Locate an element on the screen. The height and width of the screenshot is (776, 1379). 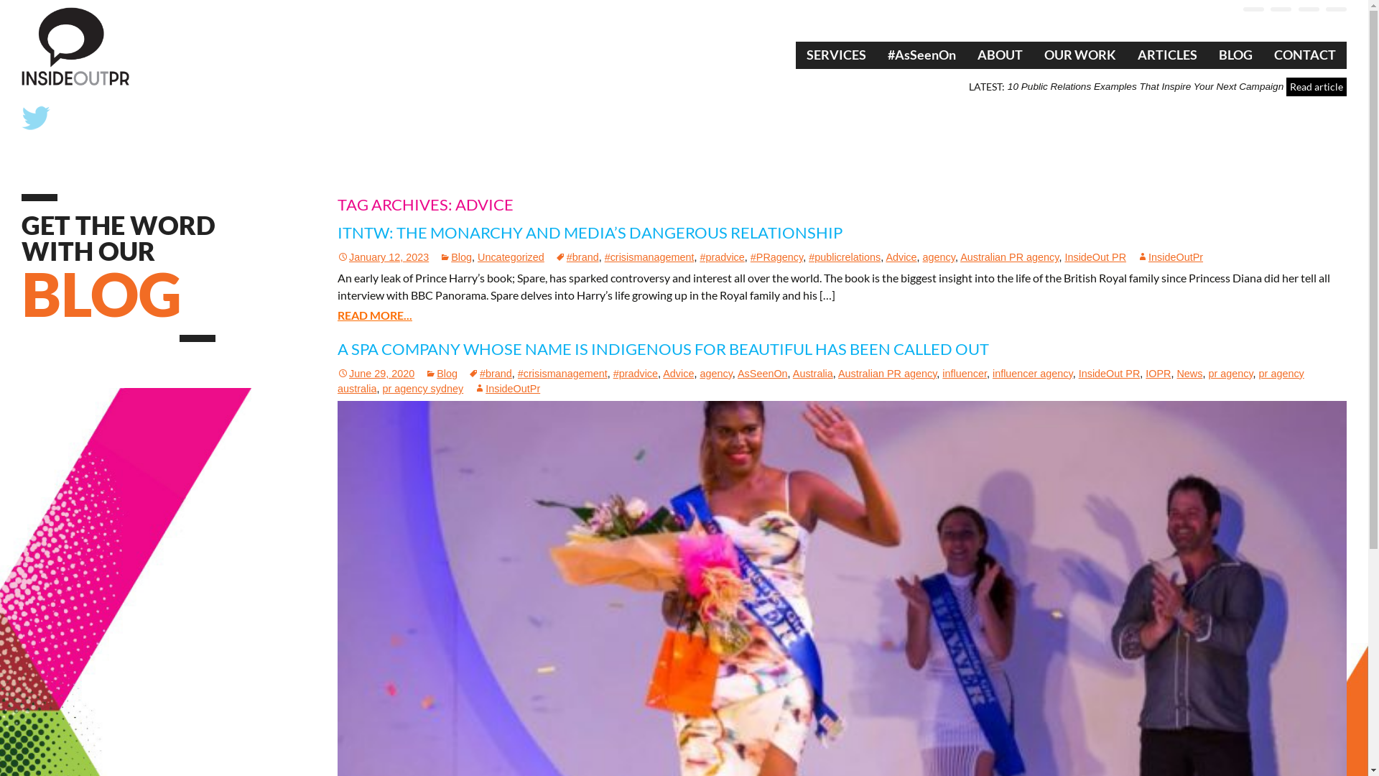
'pr agency sydney' is located at coordinates (422, 388).